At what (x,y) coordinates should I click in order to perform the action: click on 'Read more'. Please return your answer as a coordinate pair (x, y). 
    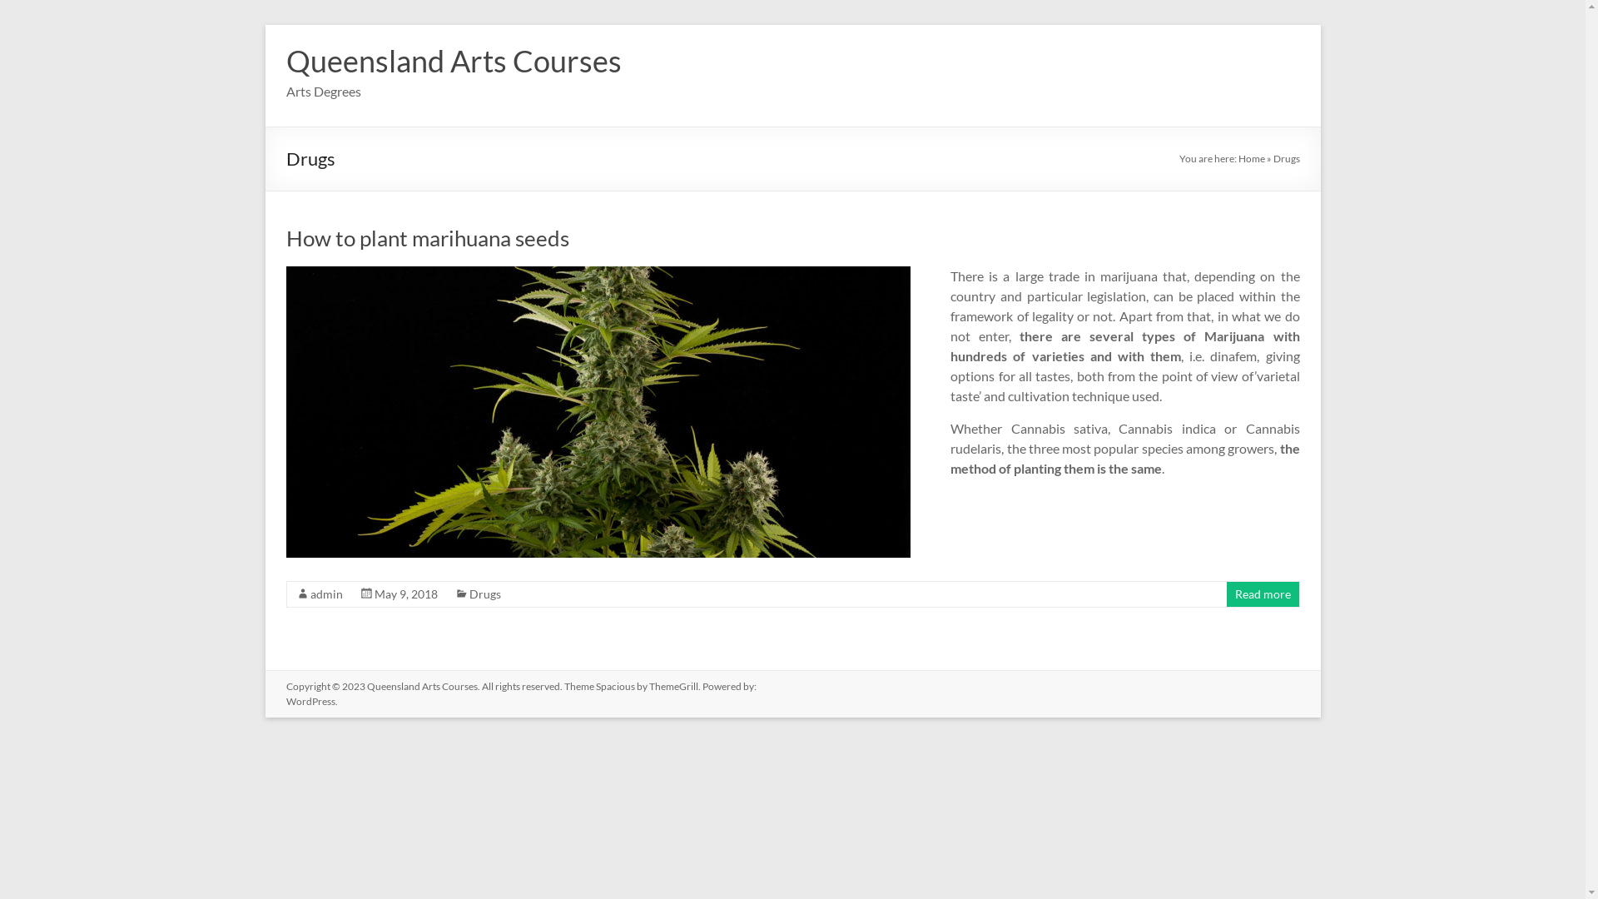
    Looking at the image, I should click on (1263, 593).